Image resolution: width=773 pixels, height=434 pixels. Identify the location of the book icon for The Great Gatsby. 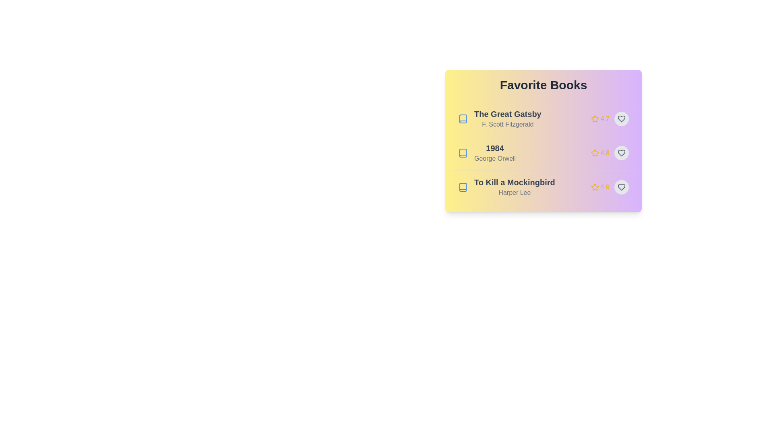
(463, 119).